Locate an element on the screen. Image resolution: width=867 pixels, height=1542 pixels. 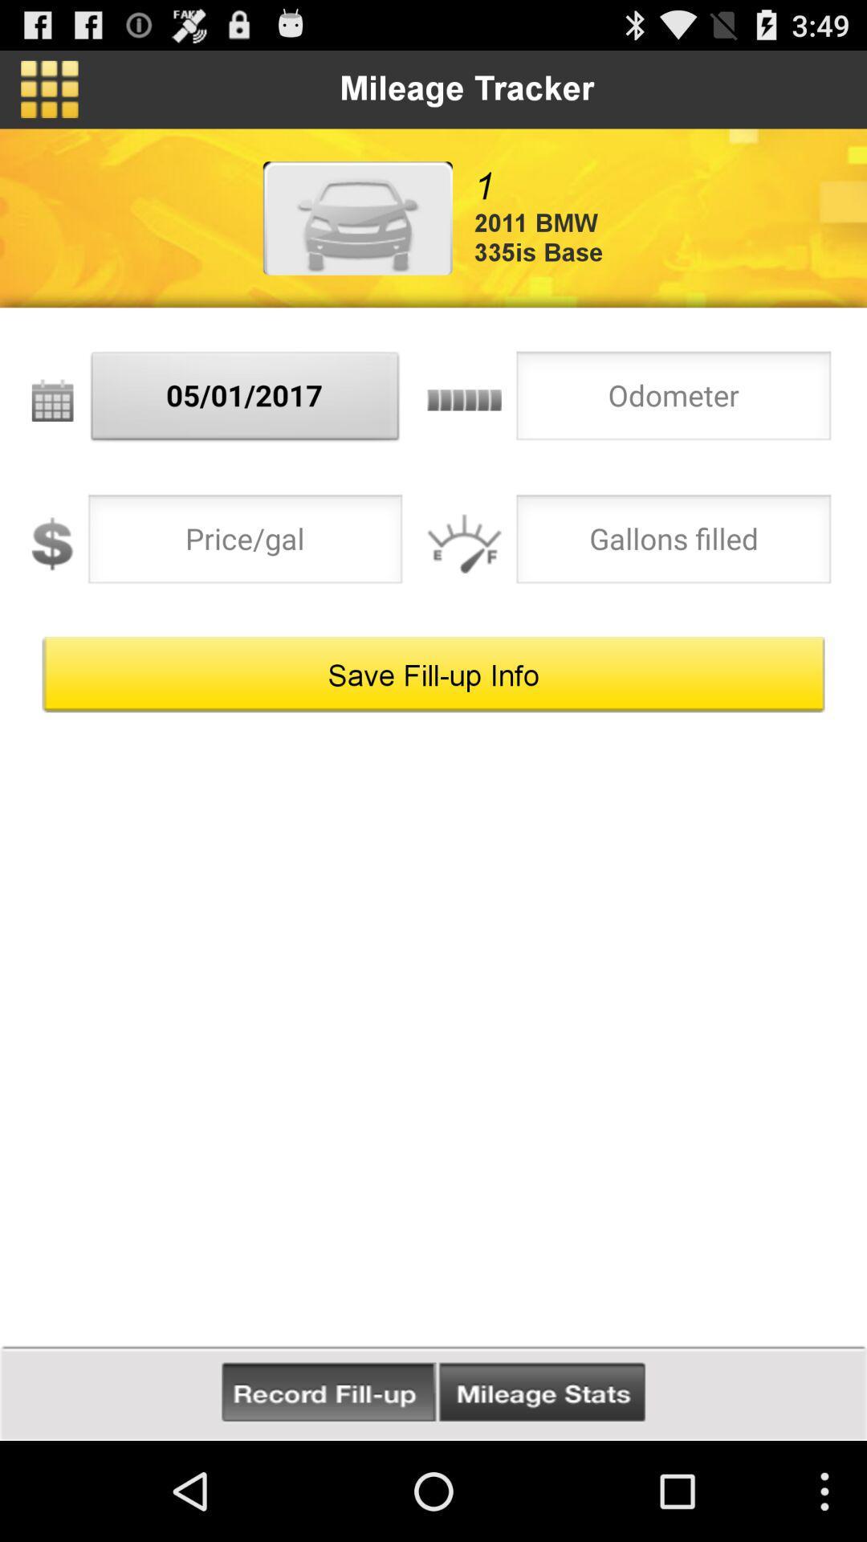
odometer is located at coordinates (674, 400).